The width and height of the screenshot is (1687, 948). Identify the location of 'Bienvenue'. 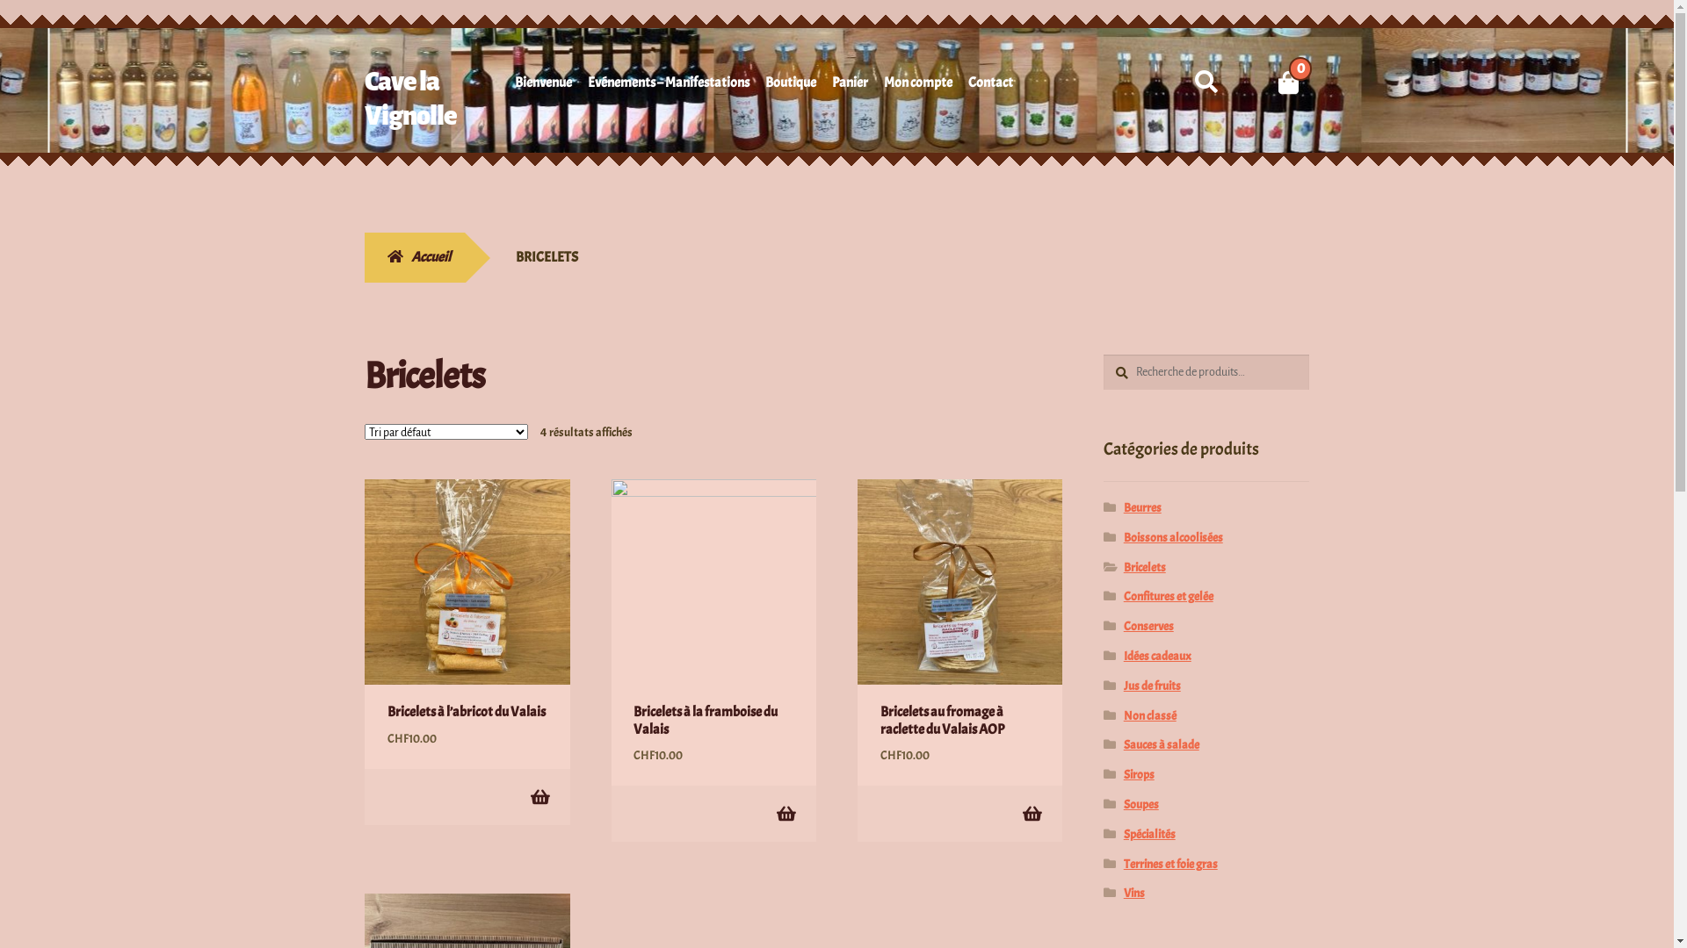
(542, 85).